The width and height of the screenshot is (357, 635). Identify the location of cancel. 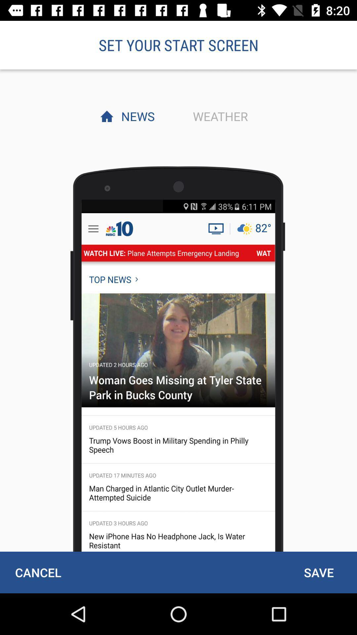
(38, 572).